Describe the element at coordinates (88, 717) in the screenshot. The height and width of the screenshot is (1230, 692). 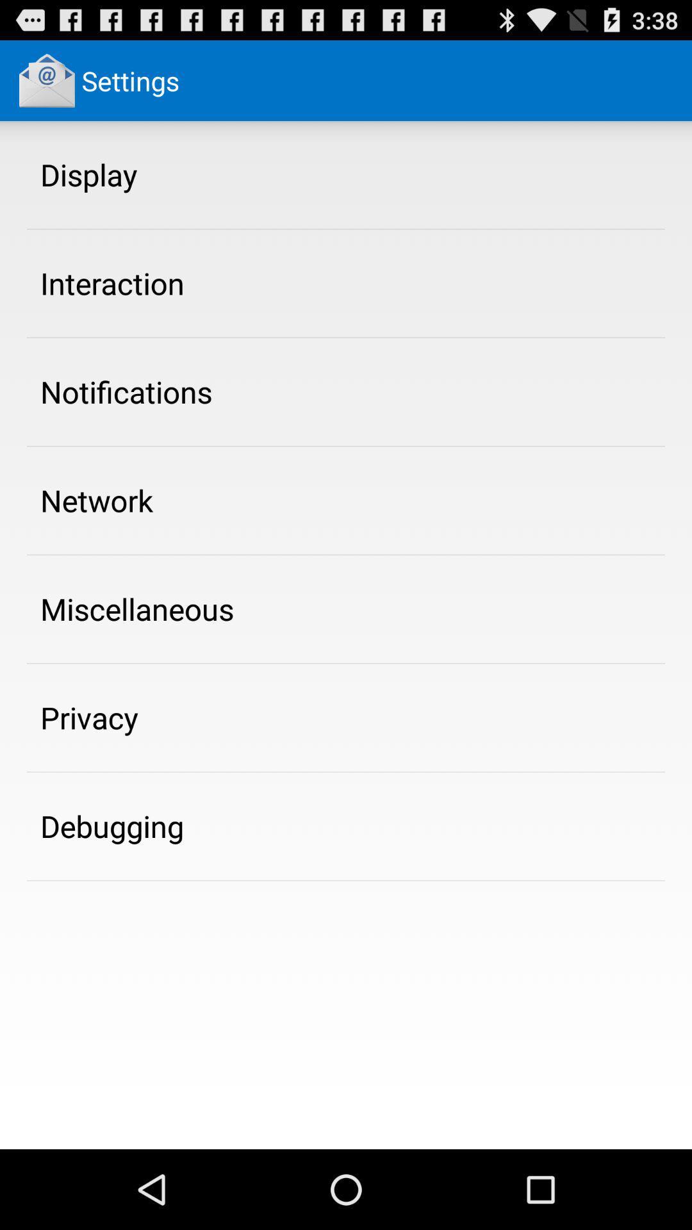
I see `privacy item` at that location.